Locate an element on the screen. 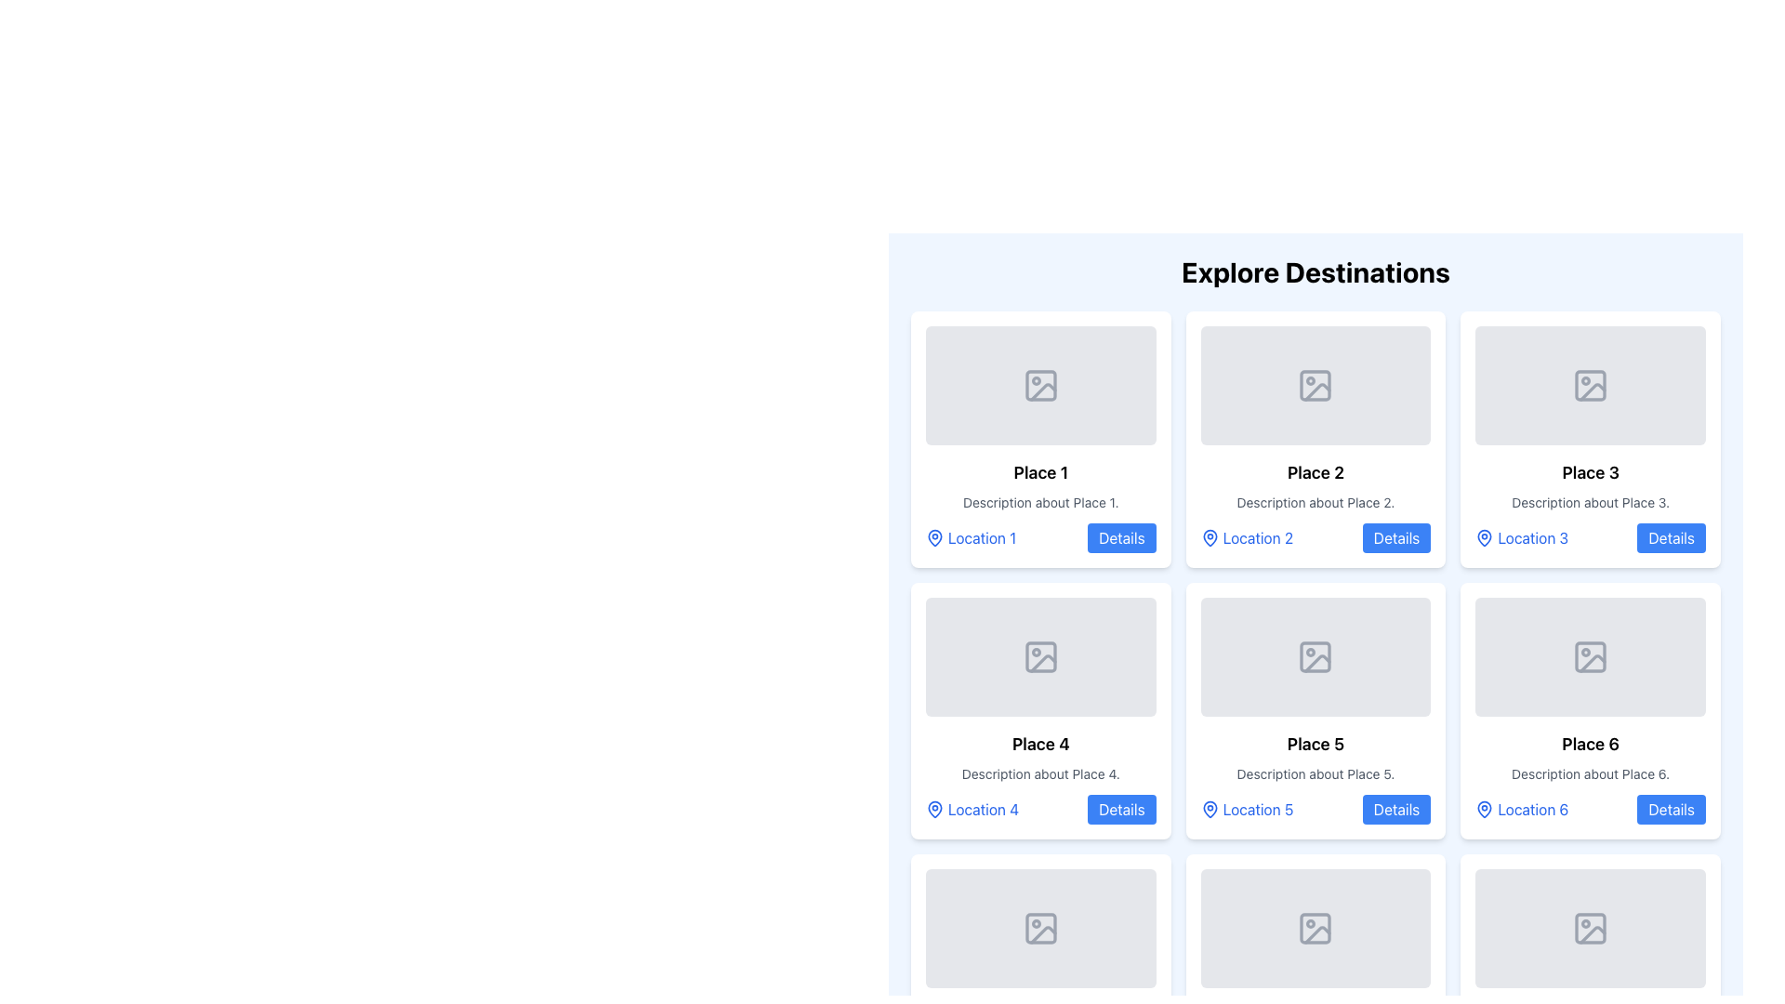  the informational text about 'Place 4', which is the second text node within its card, located below the title and above the details section is located at coordinates (1039, 774).